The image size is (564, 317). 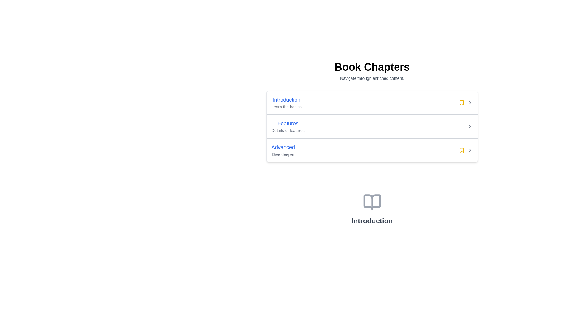 What do you see at coordinates (372, 221) in the screenshot?
I see `the 'Introduction' text heading which is displayed in bold and larger font size, located centrally between the book icon and the descriptive text 'Learn the basics.'` at bounding box center [372, 221].